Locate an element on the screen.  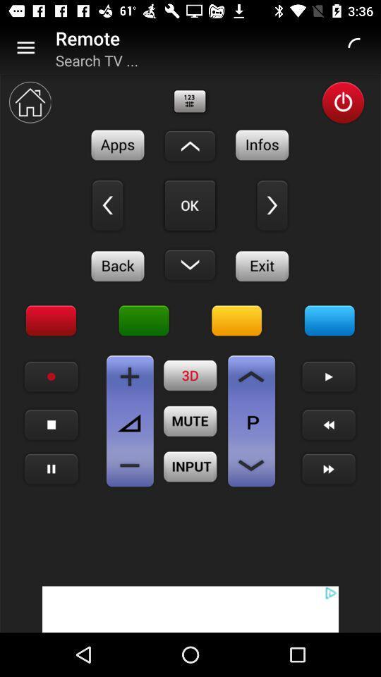
button is located at coordinates (329, 376).